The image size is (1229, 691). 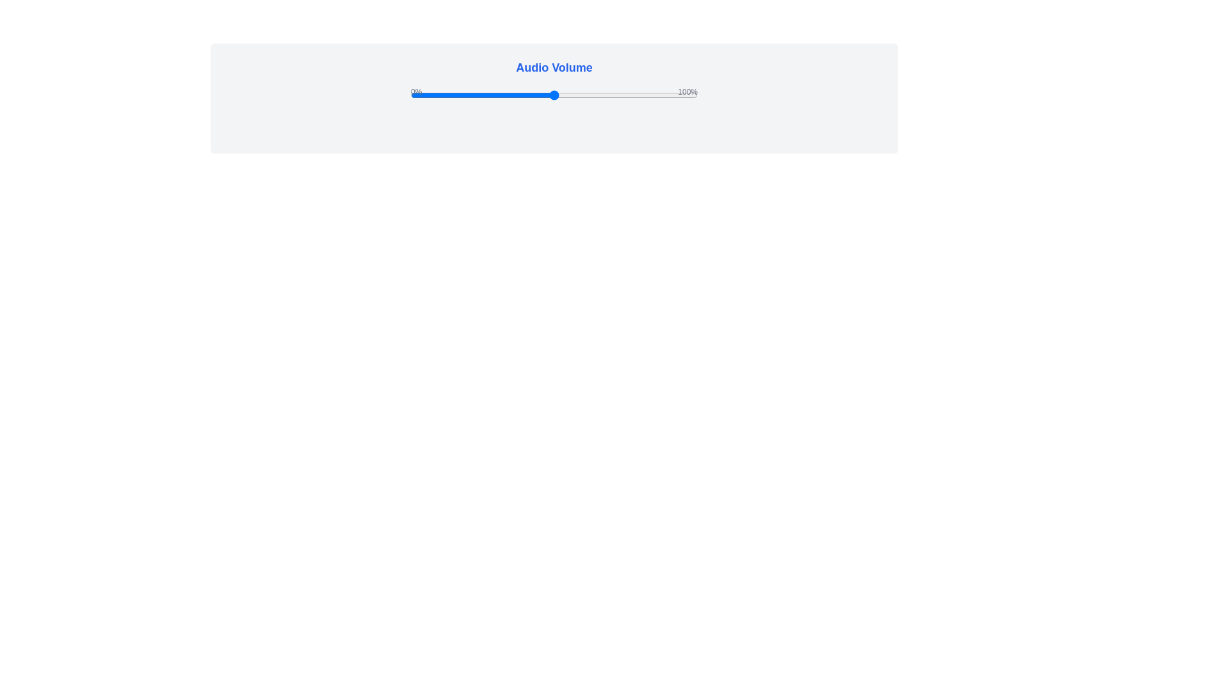 What do you see at coordinates (526, 95) in the screenshot?
I see `the volume` at bounding box center [526, 95].